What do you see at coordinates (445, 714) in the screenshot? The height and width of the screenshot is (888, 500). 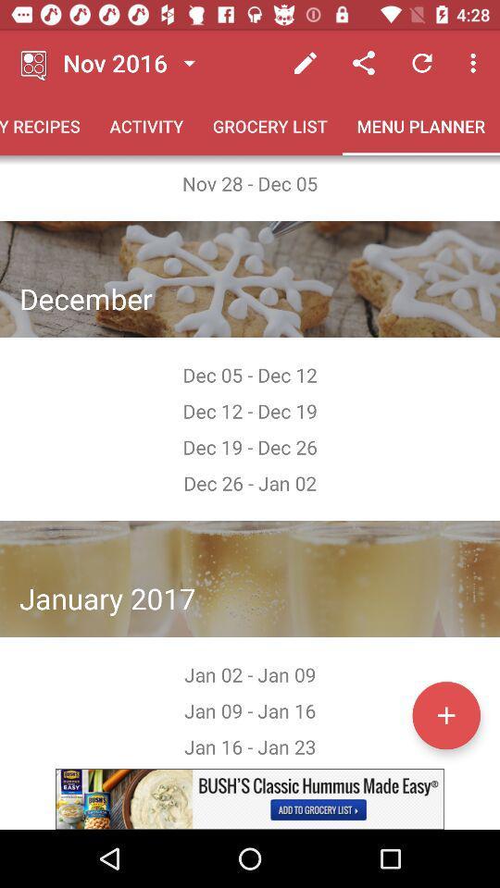 I see `increment button` at bounding box center [445, 714].